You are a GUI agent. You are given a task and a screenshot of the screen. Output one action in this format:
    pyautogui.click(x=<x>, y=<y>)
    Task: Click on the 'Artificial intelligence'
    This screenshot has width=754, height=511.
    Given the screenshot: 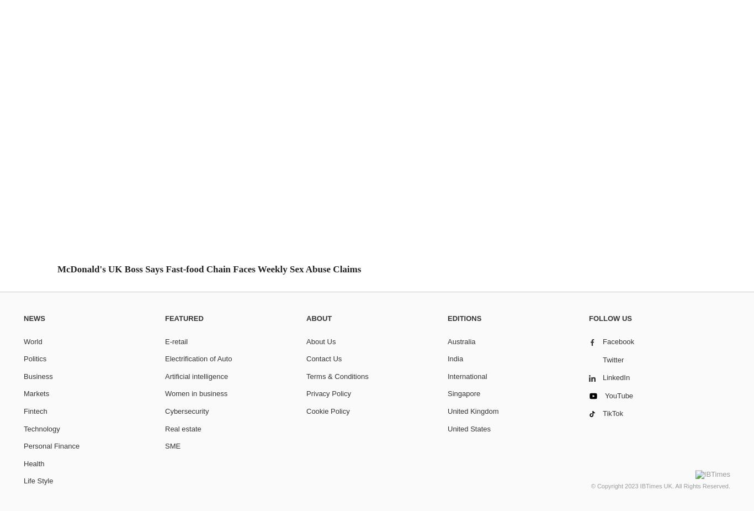 What is the action you would take?
    pyautogui.click(x=165, y=376)
    